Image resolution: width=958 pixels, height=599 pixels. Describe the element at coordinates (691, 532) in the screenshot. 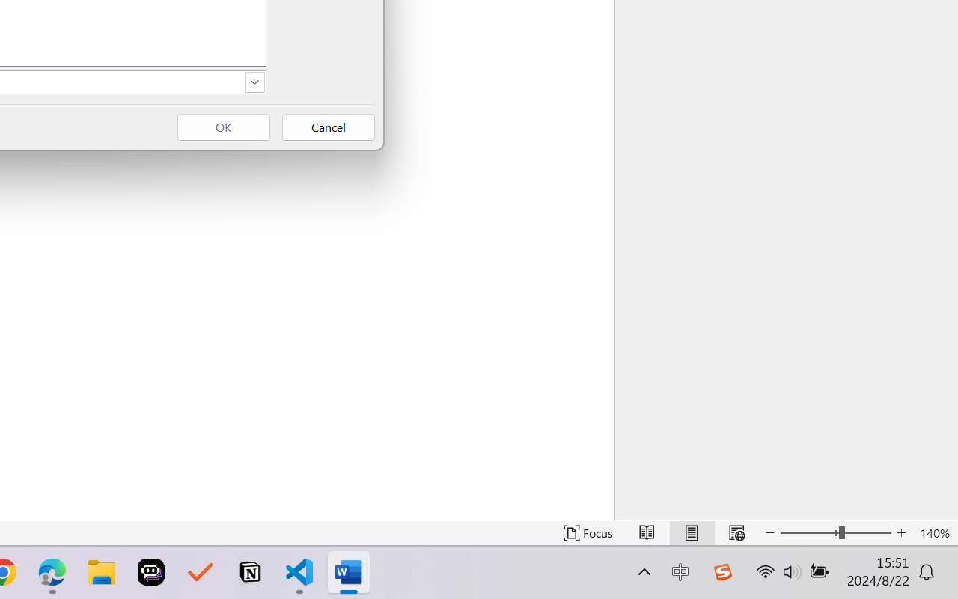

I see `'Print Layout'` at that location.